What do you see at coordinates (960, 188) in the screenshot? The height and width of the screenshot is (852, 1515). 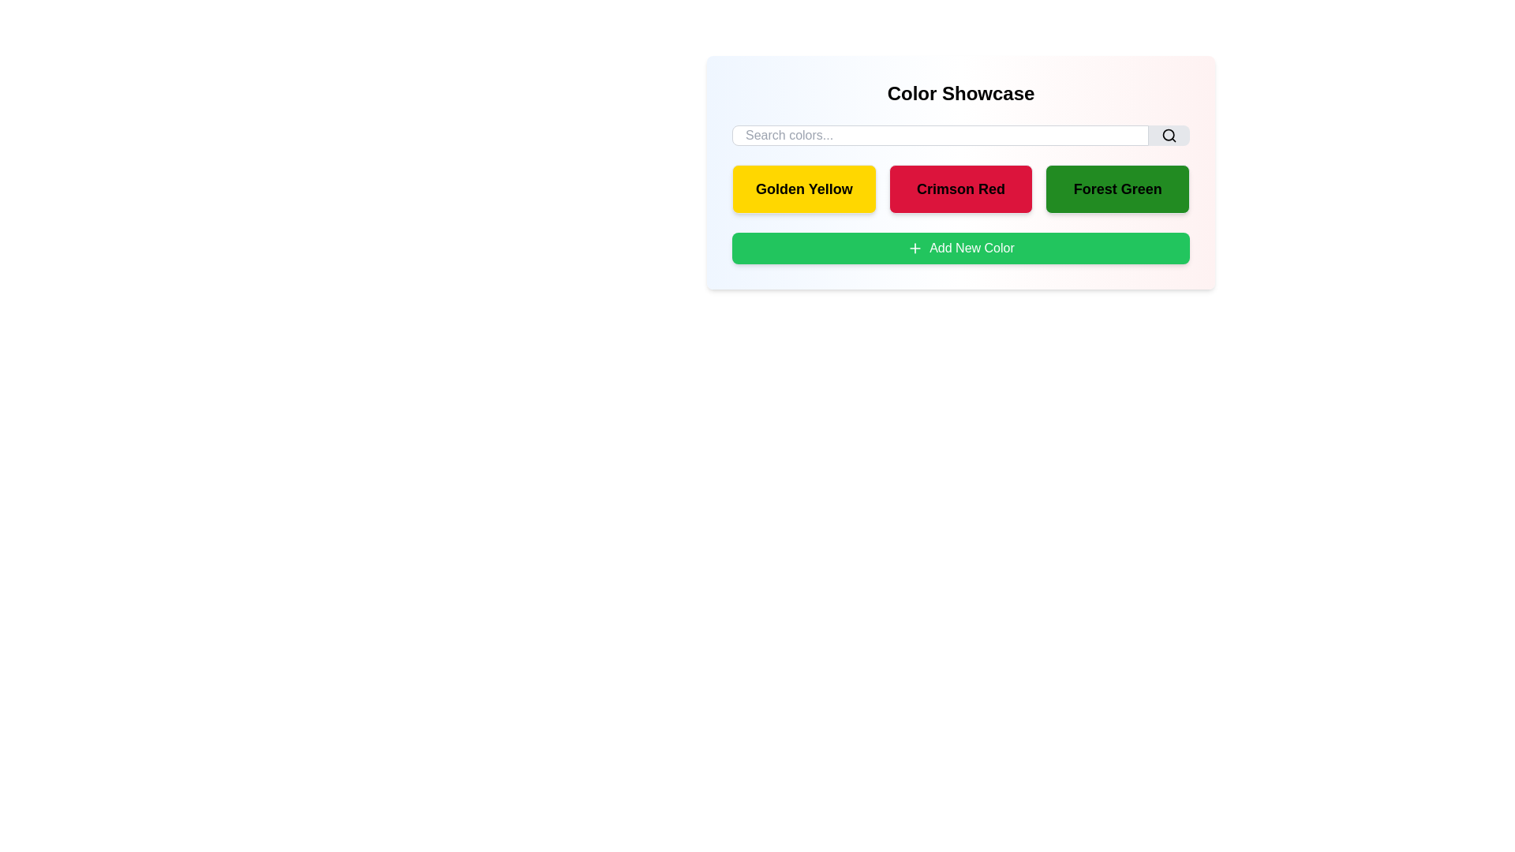 I see `the text label displaying 'Crimson Red' in bold, centered font, located in the red rectangular section` at bounding box center [960, 188].